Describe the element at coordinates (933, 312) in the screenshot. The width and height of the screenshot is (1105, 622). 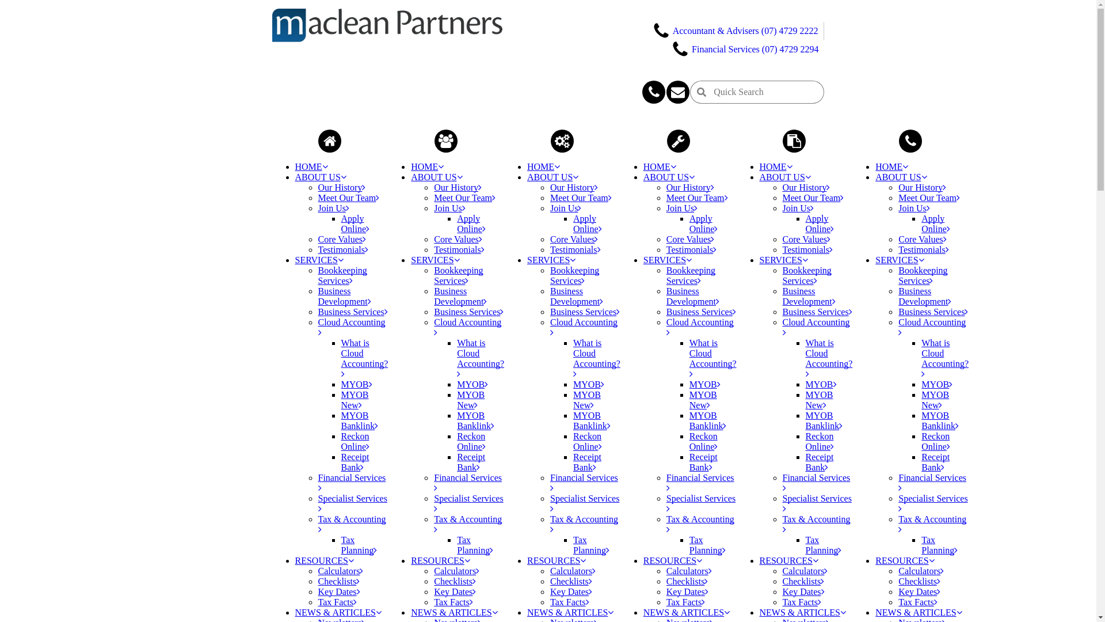
I see `'Business Services'` at that location.